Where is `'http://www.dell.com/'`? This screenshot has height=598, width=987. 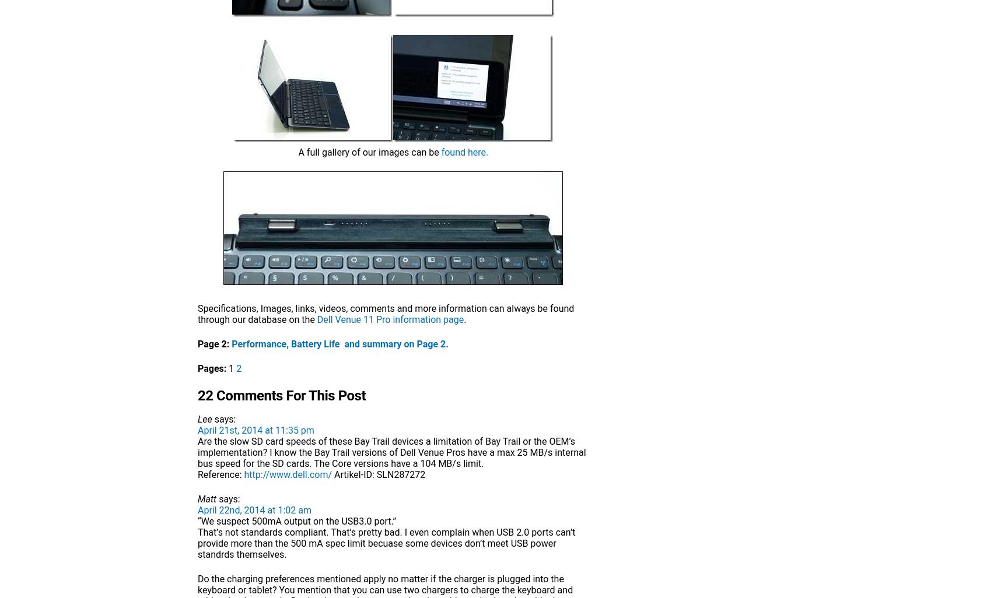 'http://www.dell.com/' is located at coordinates (287, 474).